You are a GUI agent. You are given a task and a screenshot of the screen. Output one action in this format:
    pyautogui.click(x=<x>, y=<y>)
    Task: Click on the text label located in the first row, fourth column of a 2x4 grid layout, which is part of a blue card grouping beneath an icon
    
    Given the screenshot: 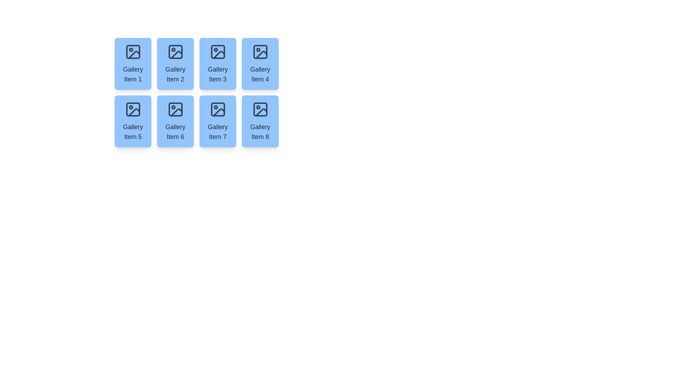 What is the action you would take?
    pyautogui.click(x=260, y=74)
    